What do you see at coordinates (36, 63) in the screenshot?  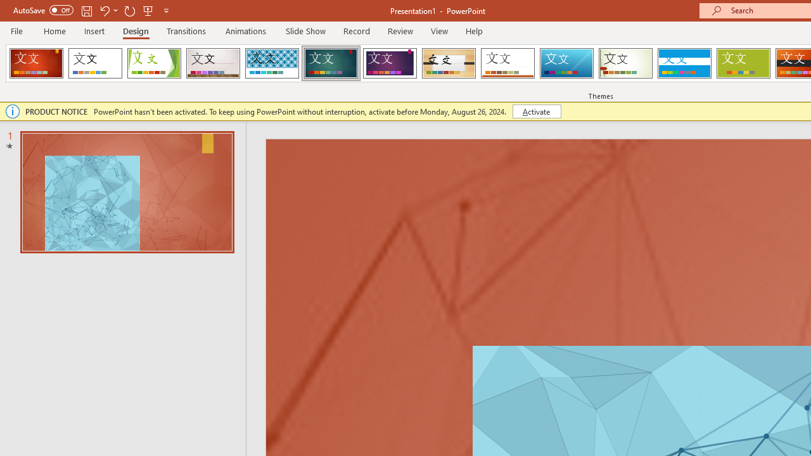 I see `'FadeVTI'` at bounding box center [36, 63].